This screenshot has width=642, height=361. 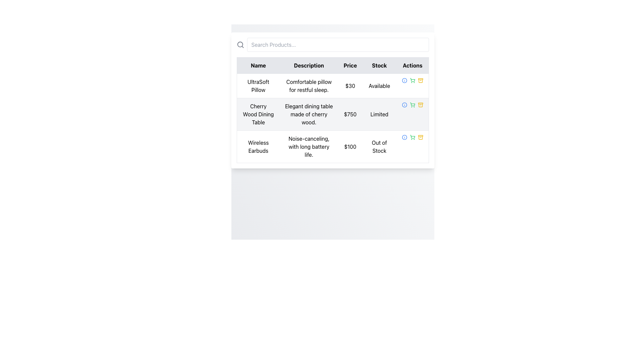 I want to click on the storage box icon button located in the 'Actions' column of the second row, which corresponds to the 'Cherry Wood Dining Table', so click(x=420, y=105).